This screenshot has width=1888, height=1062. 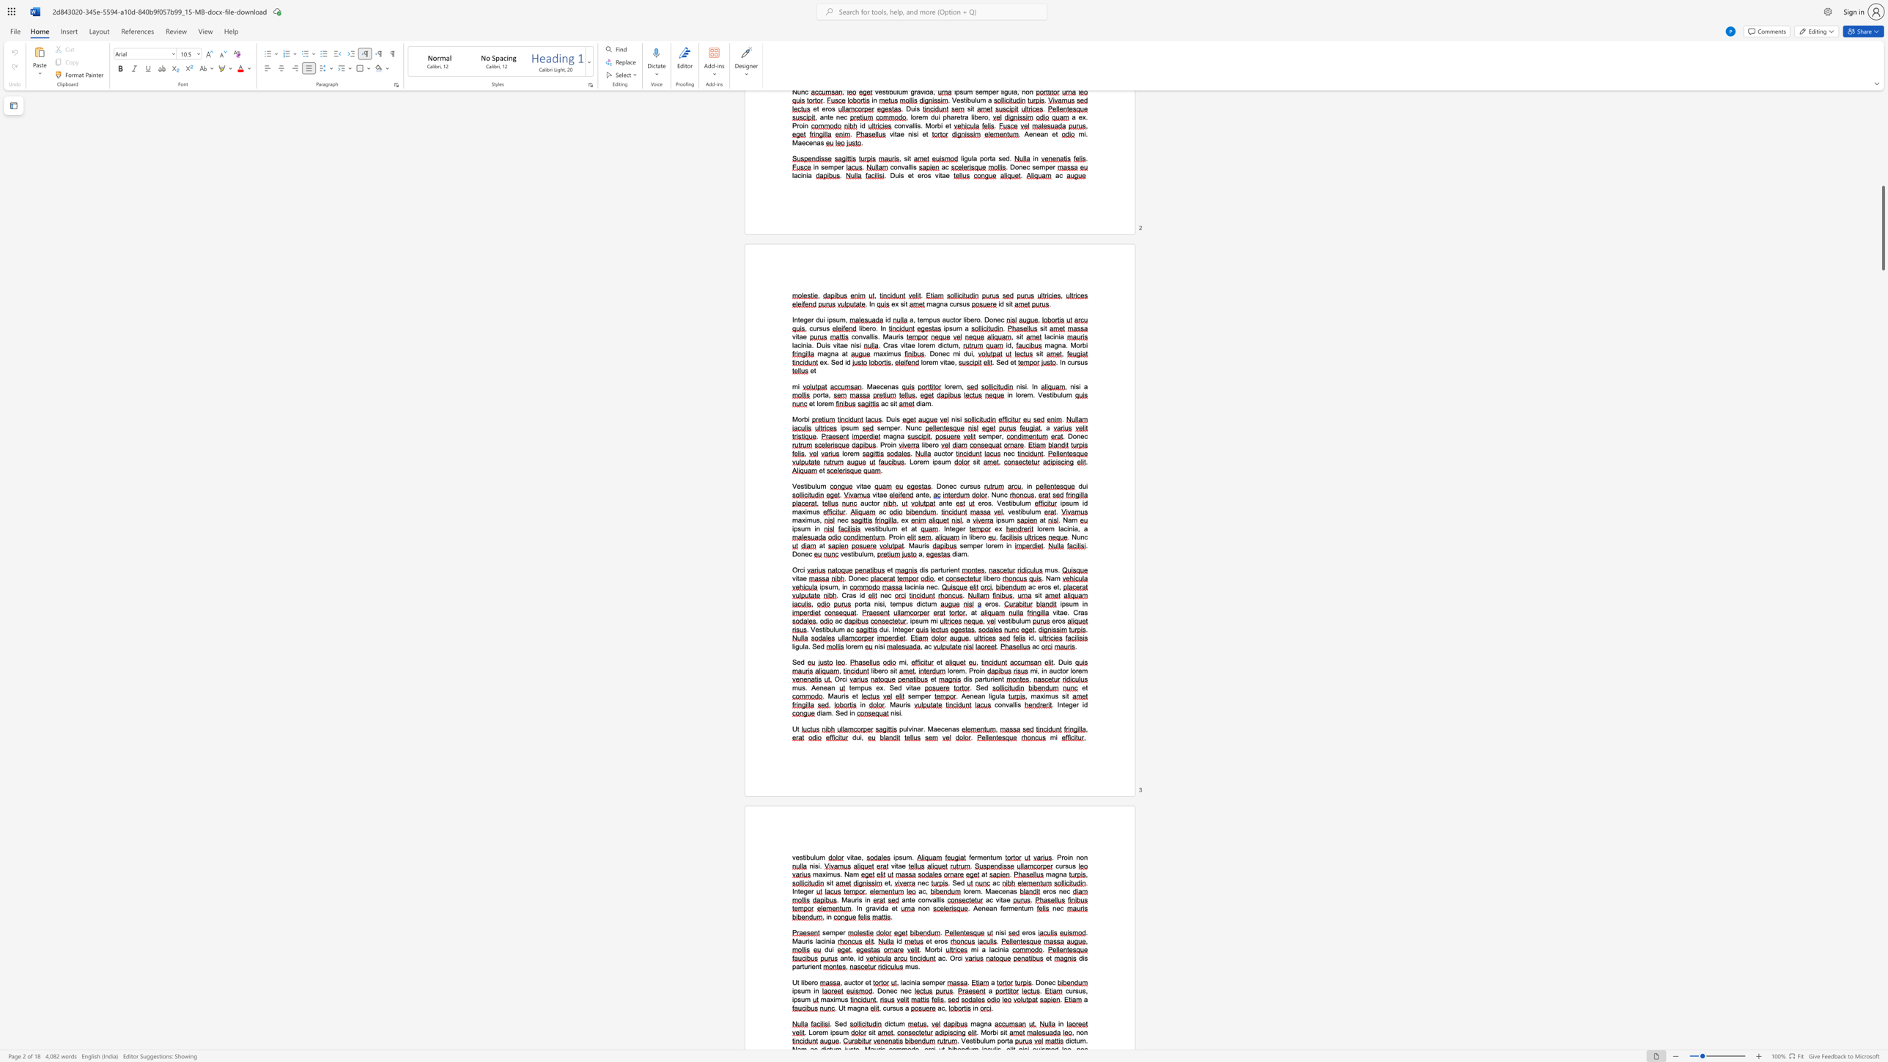 What do you see at coordinates (981, 670) in the screenshot?
I see `the space between the continuous character "i" and "n" in the text` at bounding box center [981, 670].